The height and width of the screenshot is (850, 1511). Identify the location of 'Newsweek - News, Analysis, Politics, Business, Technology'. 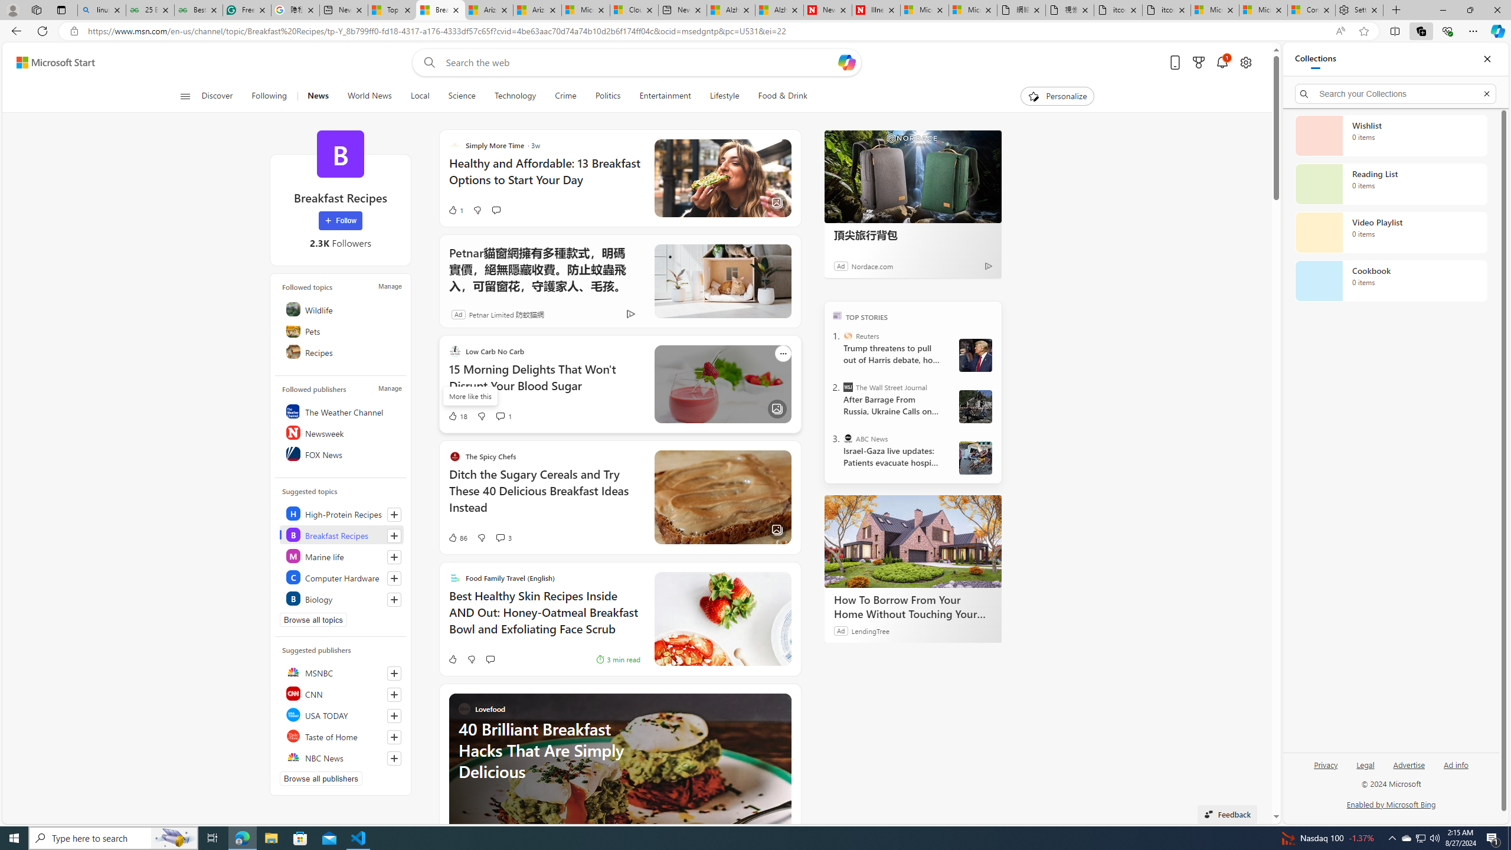
(828, 9).